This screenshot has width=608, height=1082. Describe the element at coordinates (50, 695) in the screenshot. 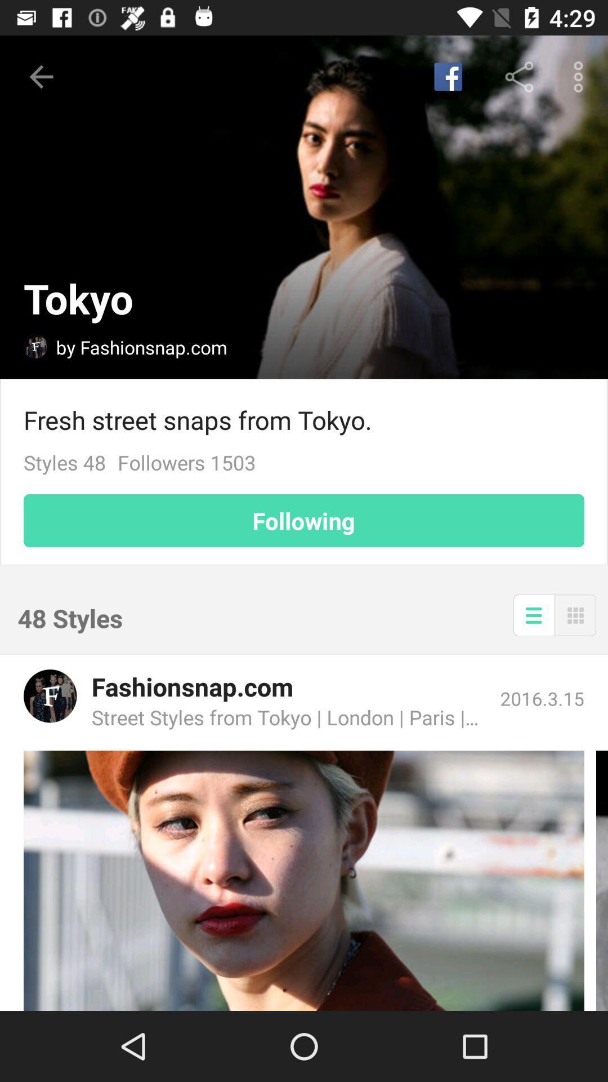

I see `company page` at that location.